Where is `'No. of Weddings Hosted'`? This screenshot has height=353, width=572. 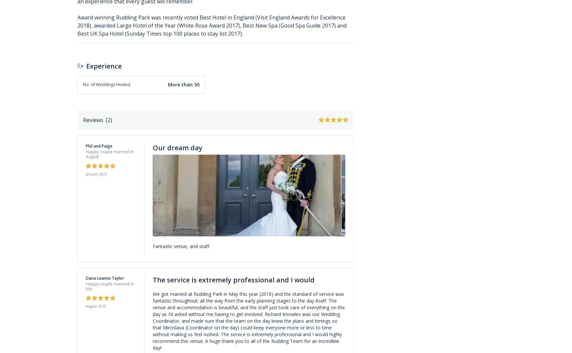
'No. of Weddings Hosted' is located at coordinates (107, 84).